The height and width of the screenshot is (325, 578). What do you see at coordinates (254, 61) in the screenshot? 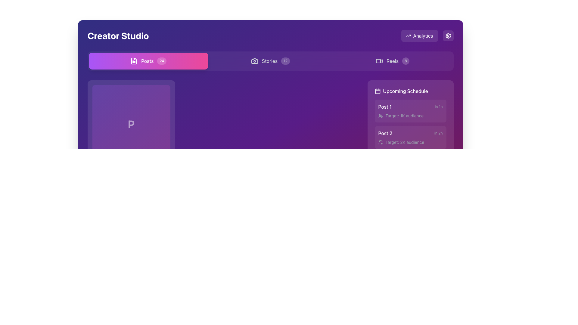
I see `the 'Stories' icon located in the horizontal navigation bar` at bounding box center [254, 61].